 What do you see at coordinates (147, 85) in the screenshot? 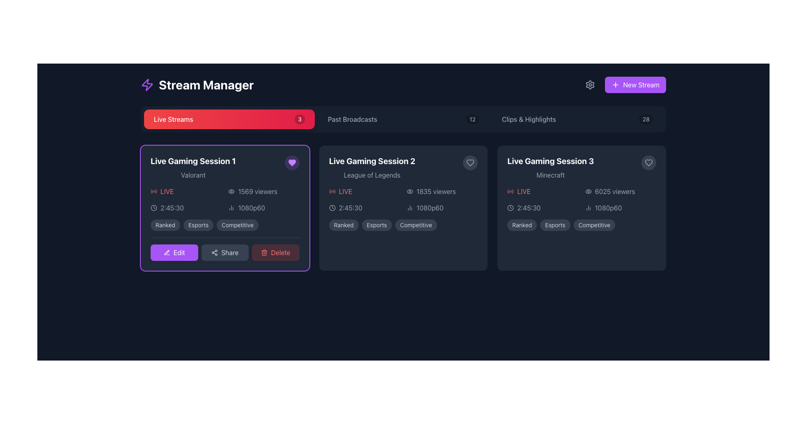
I see `the logo/icon located at the top-left area of the interface, next to the text 'Stream Manager', which serves as a branding element for the application` at bounding box center [147, 85].